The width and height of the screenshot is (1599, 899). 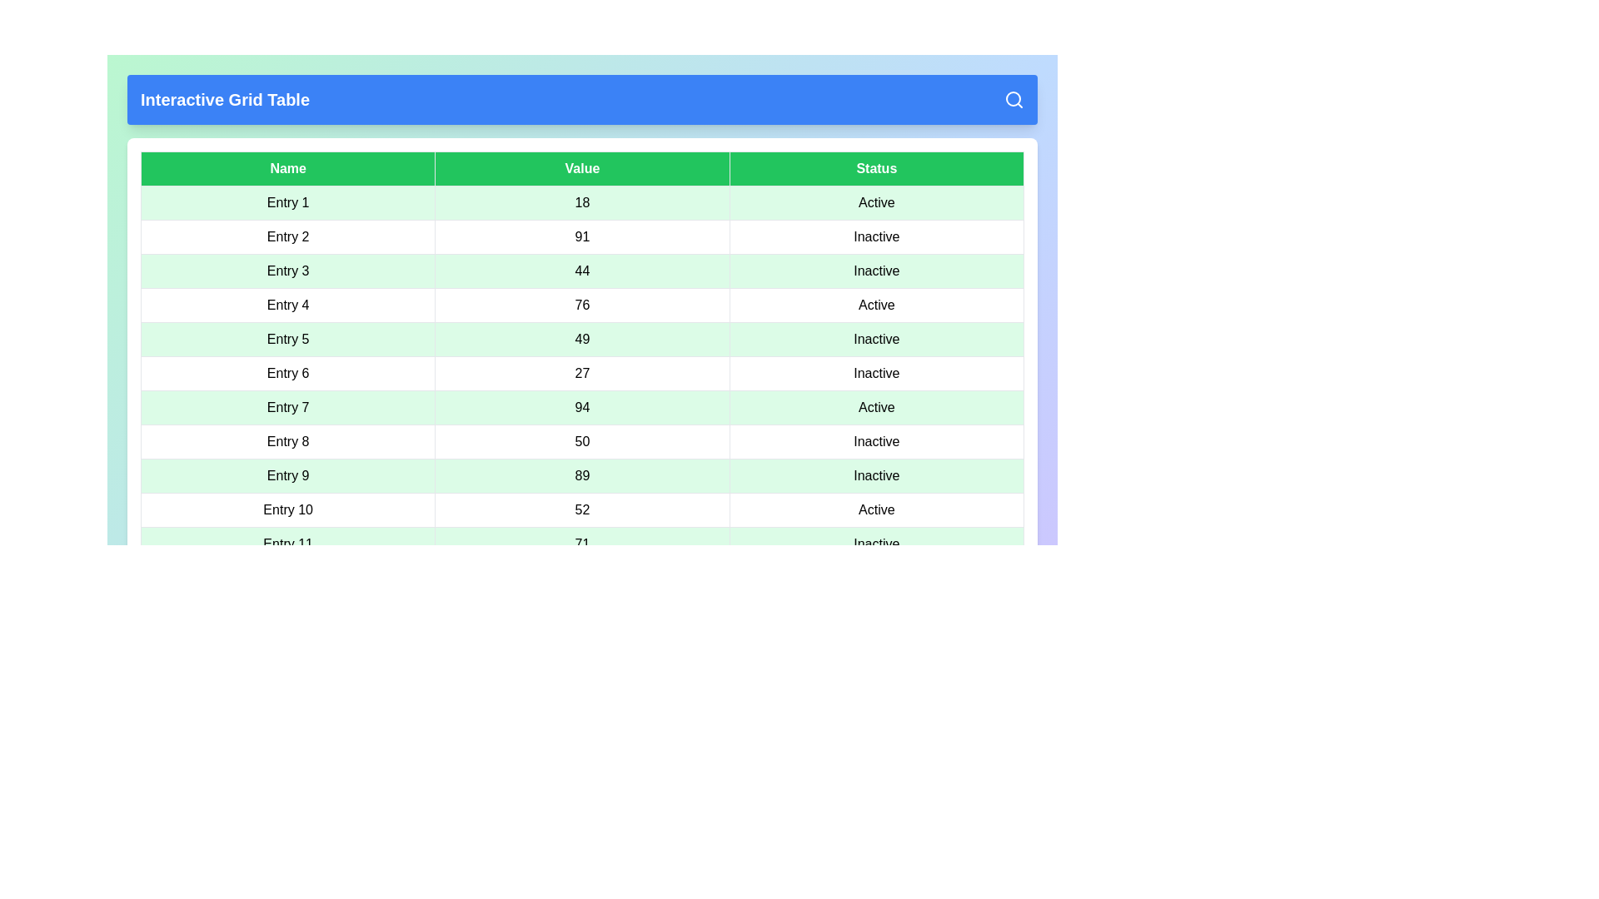 What do you see at coordinates (874, 169) in the screenshot?
I see `the column header 'Status' to sort the table by that column` at bounding box center [874, 169].